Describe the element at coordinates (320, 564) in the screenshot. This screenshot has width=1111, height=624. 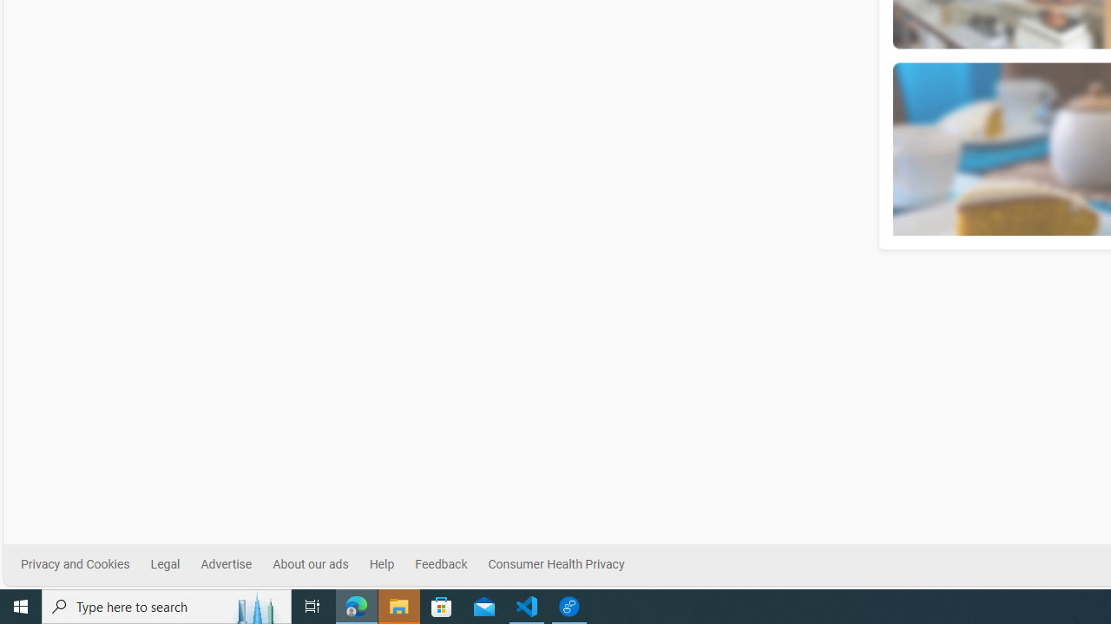
I see `'About our ads'` at that location.